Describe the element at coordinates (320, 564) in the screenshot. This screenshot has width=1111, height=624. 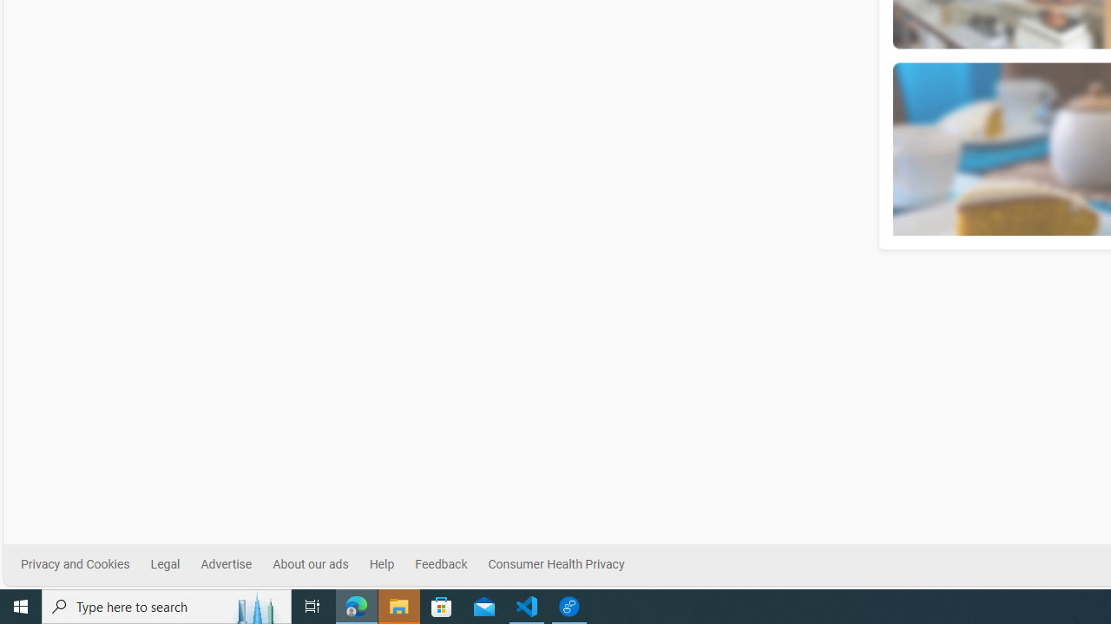
I see `'About our ads'` at that location.